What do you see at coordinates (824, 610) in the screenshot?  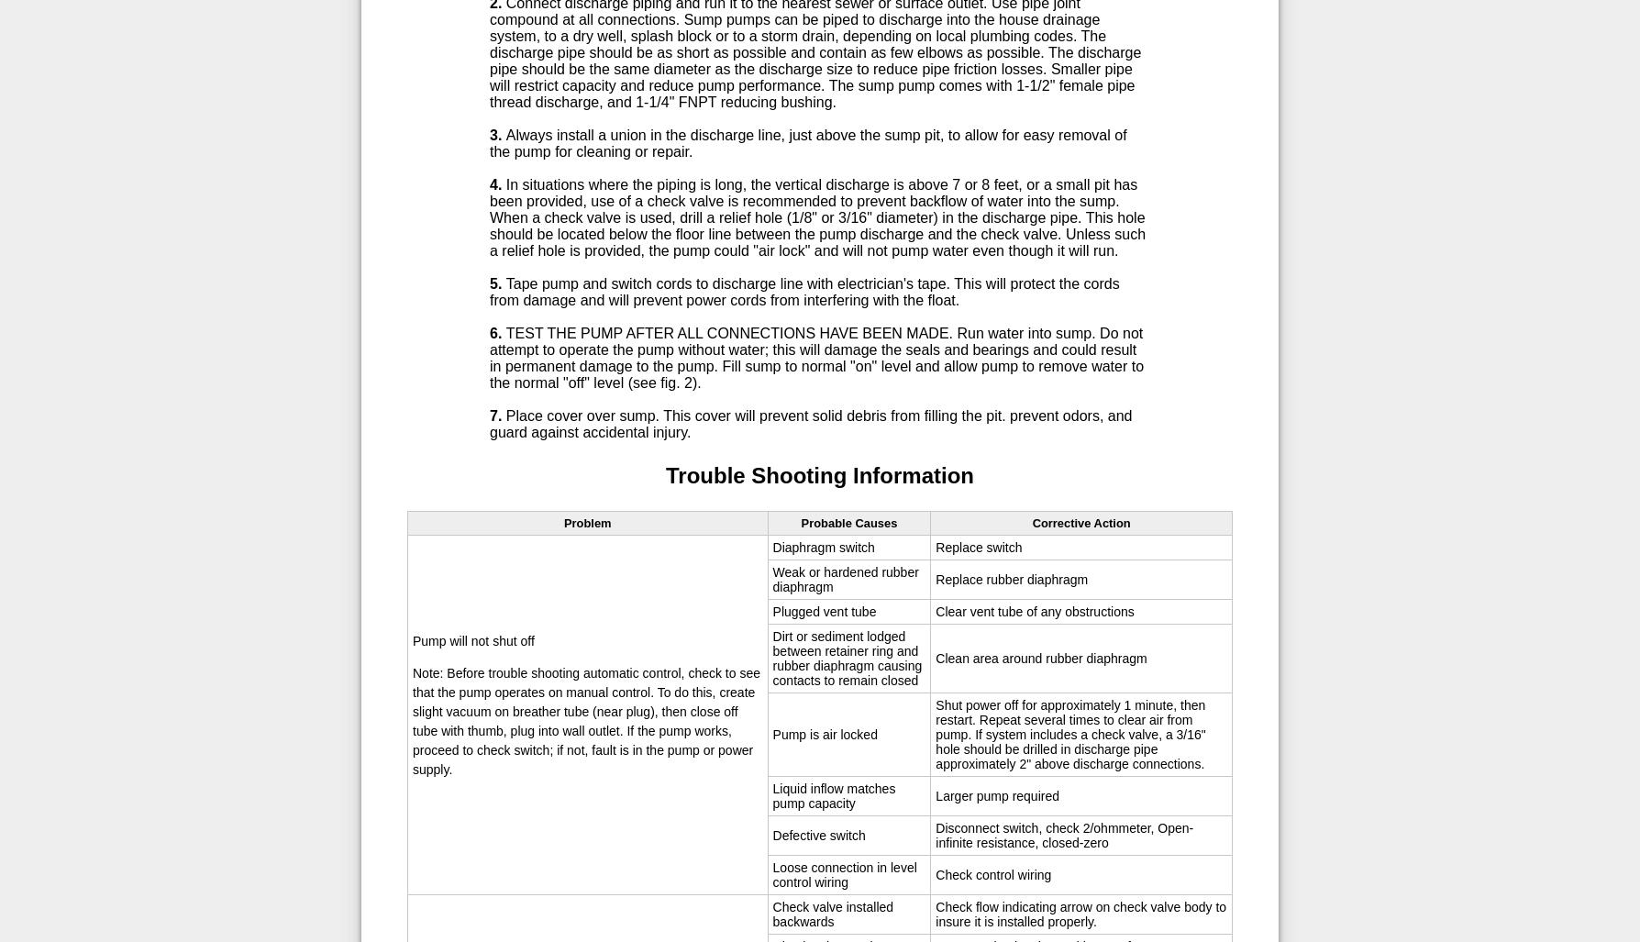 I see `'Plugged vent tube'` at bounding box center [824, 610].